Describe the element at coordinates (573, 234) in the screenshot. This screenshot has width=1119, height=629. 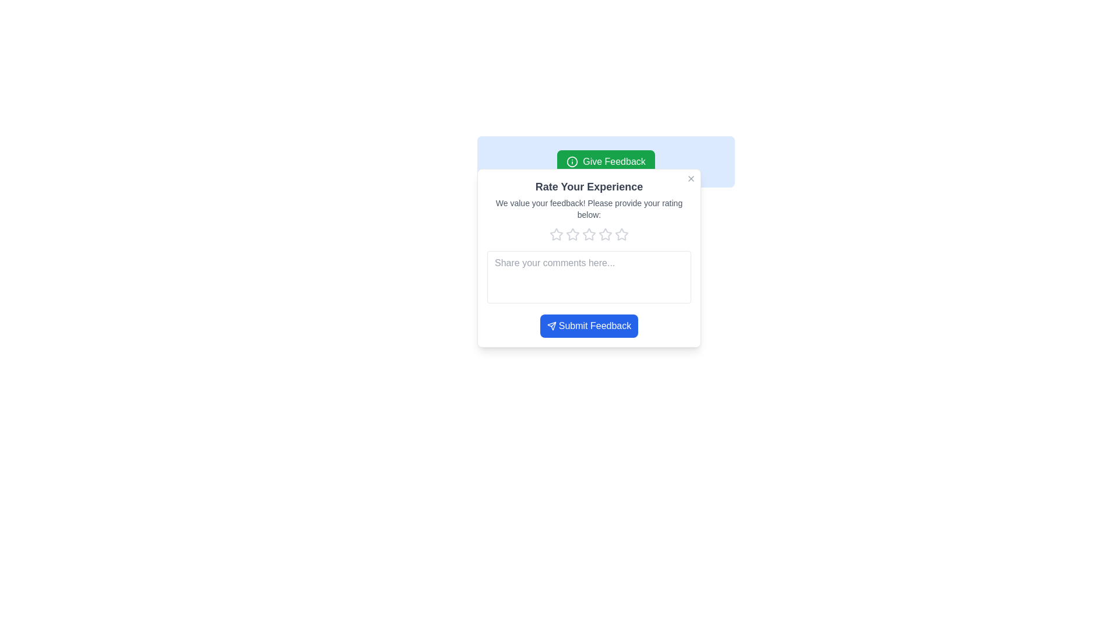
I see `the first rating star in the feedback form` at that location.